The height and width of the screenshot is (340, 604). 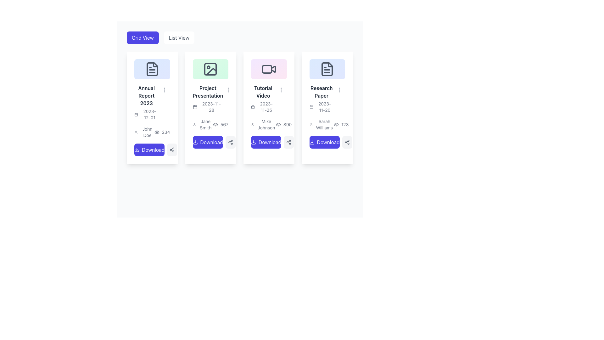 What do you see at coordinates (344, 124) in the screenshot?
I see `value displayed in the Text label that shows '123', which is positioned to the right of an eye icon in a horizontal group at the bottom of the last card` at bounding box center [344, 124].